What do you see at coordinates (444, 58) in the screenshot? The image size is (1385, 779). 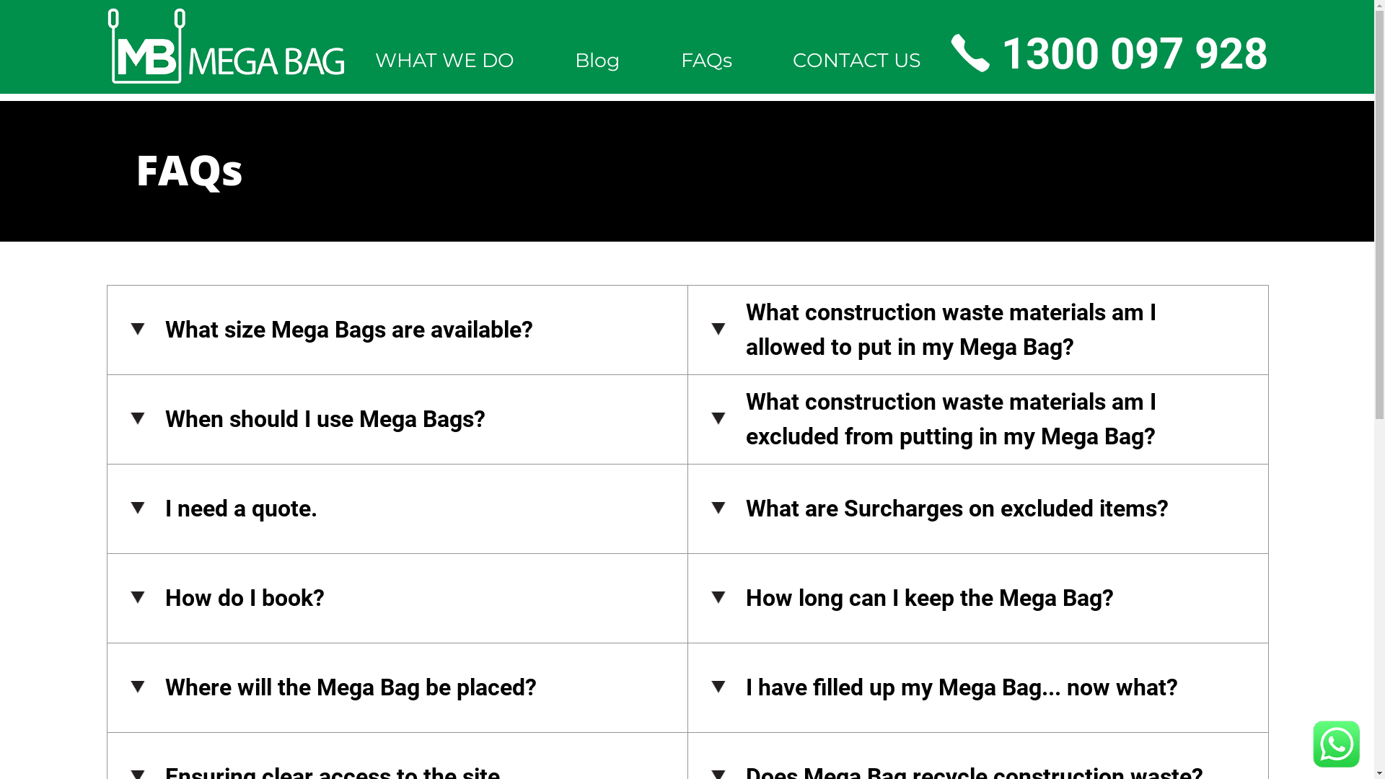 I see `'WHAT WE DO'` at bounding box center [444, 58].